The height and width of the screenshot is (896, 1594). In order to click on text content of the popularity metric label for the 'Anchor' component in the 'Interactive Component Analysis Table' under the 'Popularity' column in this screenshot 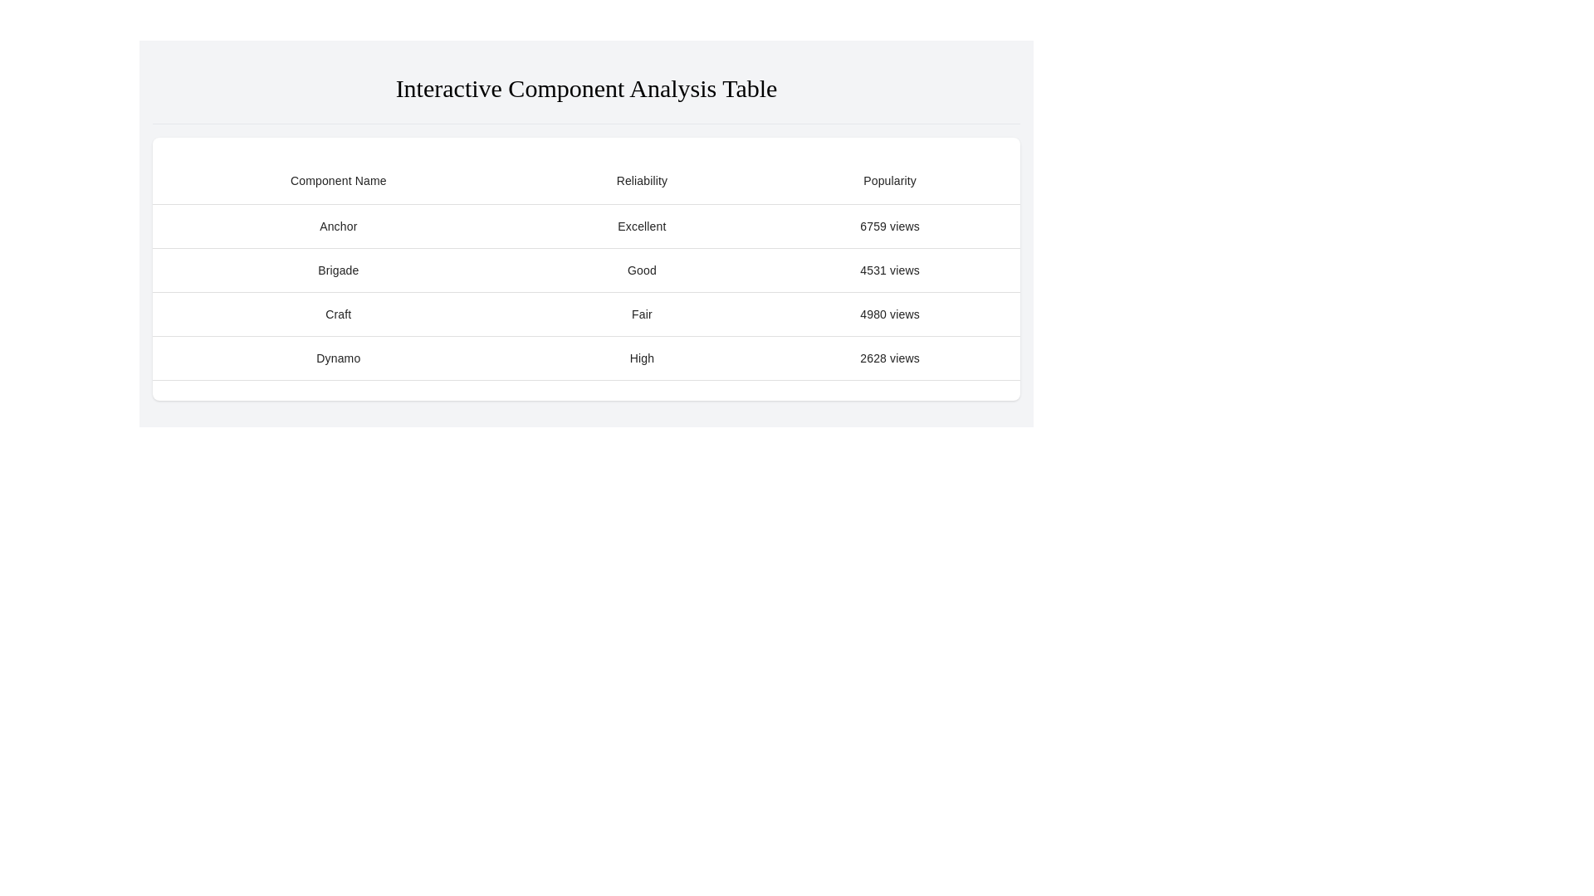, I will do `click(889, 226)`.